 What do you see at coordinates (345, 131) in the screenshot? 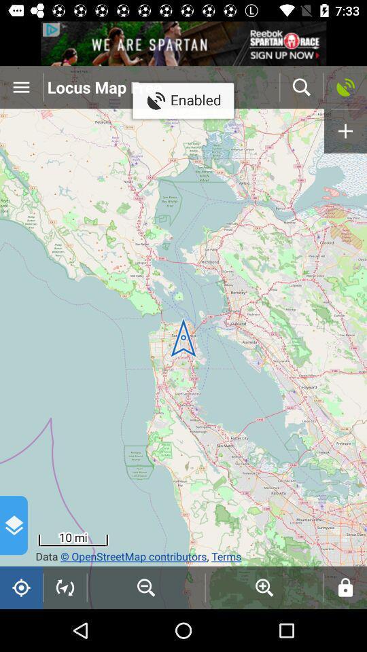
I see `the add icon` at bounding box center [345, 131].